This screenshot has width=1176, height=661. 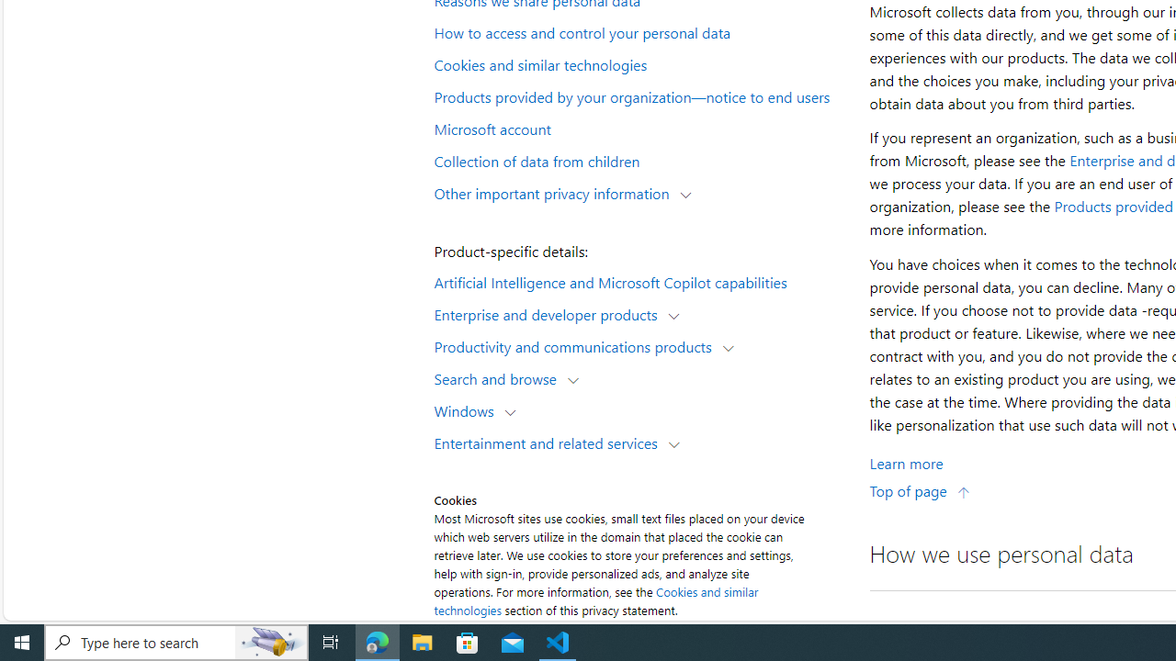 What do you see at coordinates (639, 159) in the screenshot?
I see `'Collection of data from children'` at bounding box center [639, 159].